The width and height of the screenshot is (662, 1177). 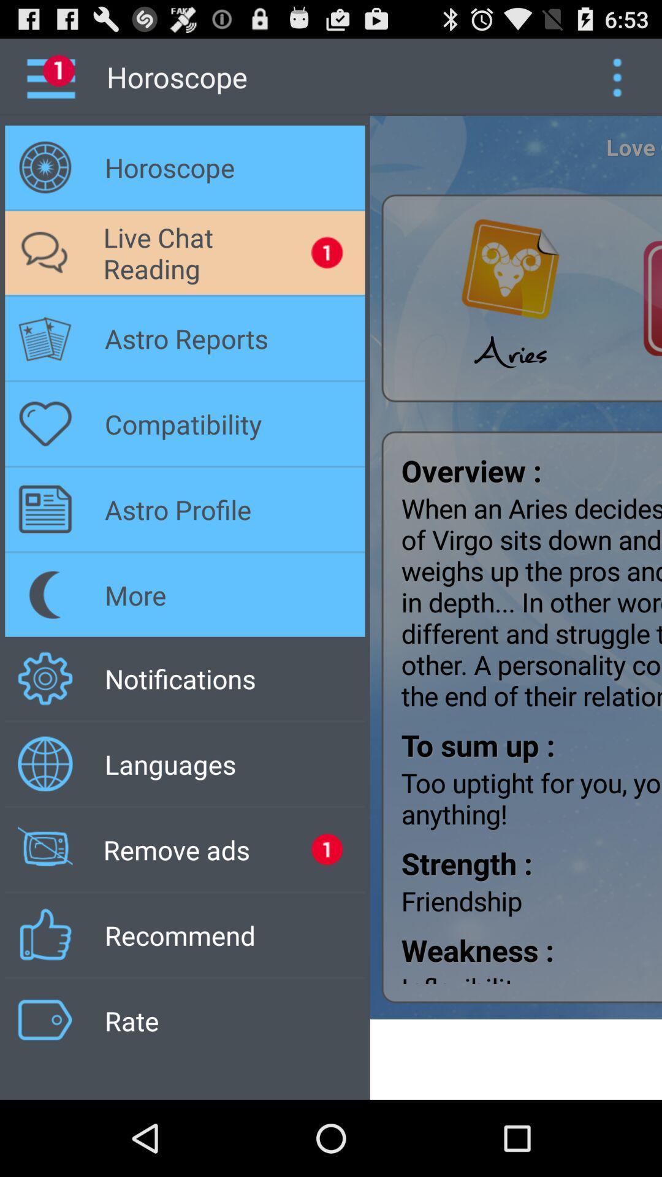 What do you see at coordinates (617, 76) in the screenshot?
I see `item next to the horoscope` at bounding box center [617, 76].